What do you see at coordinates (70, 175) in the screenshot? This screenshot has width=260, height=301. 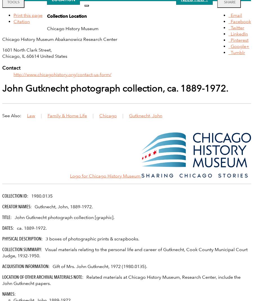 I see `'Logo for Chicago History Museum'` at bounding box center [70, 175].